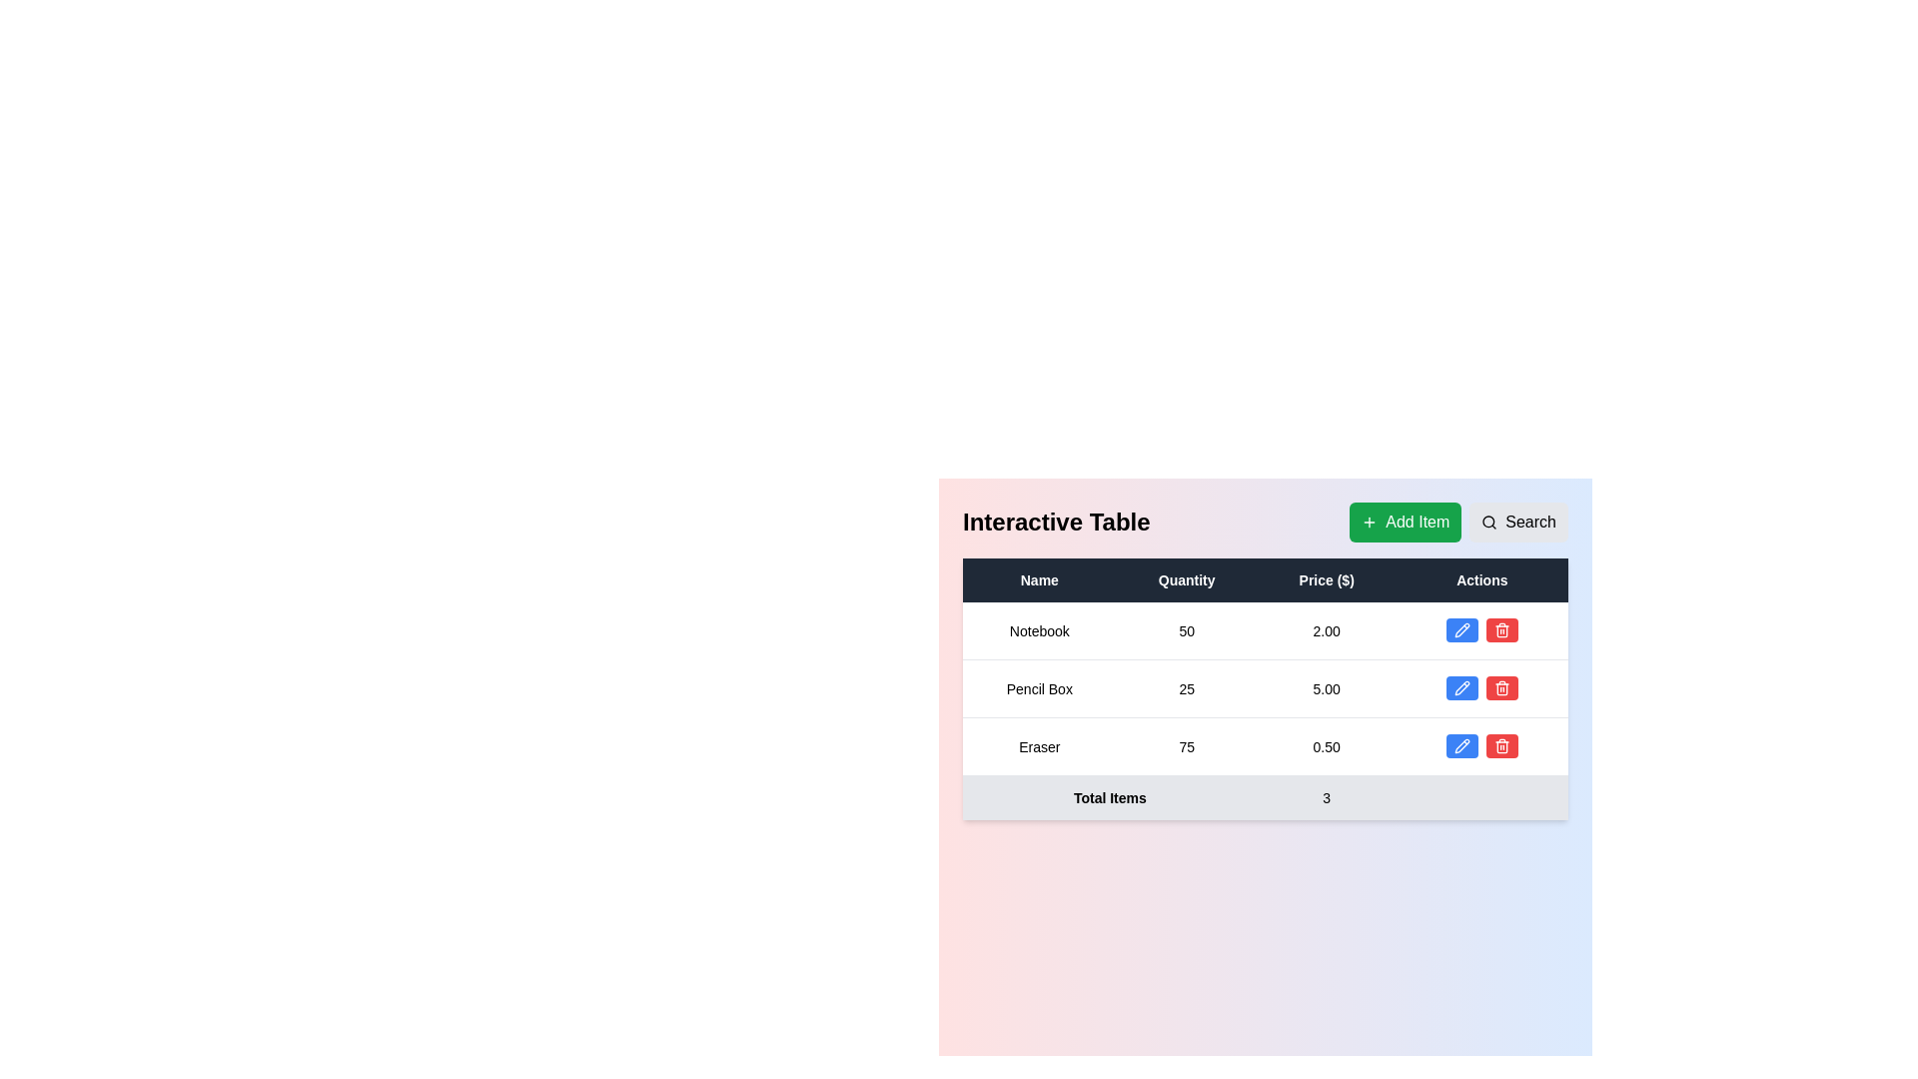  What do you see at coordinates (1461, 746) in the screenshot?
I see `the blue pencil icon button located in the last row of the table under the 'Actions' column` at bounding box center [1461, 746].